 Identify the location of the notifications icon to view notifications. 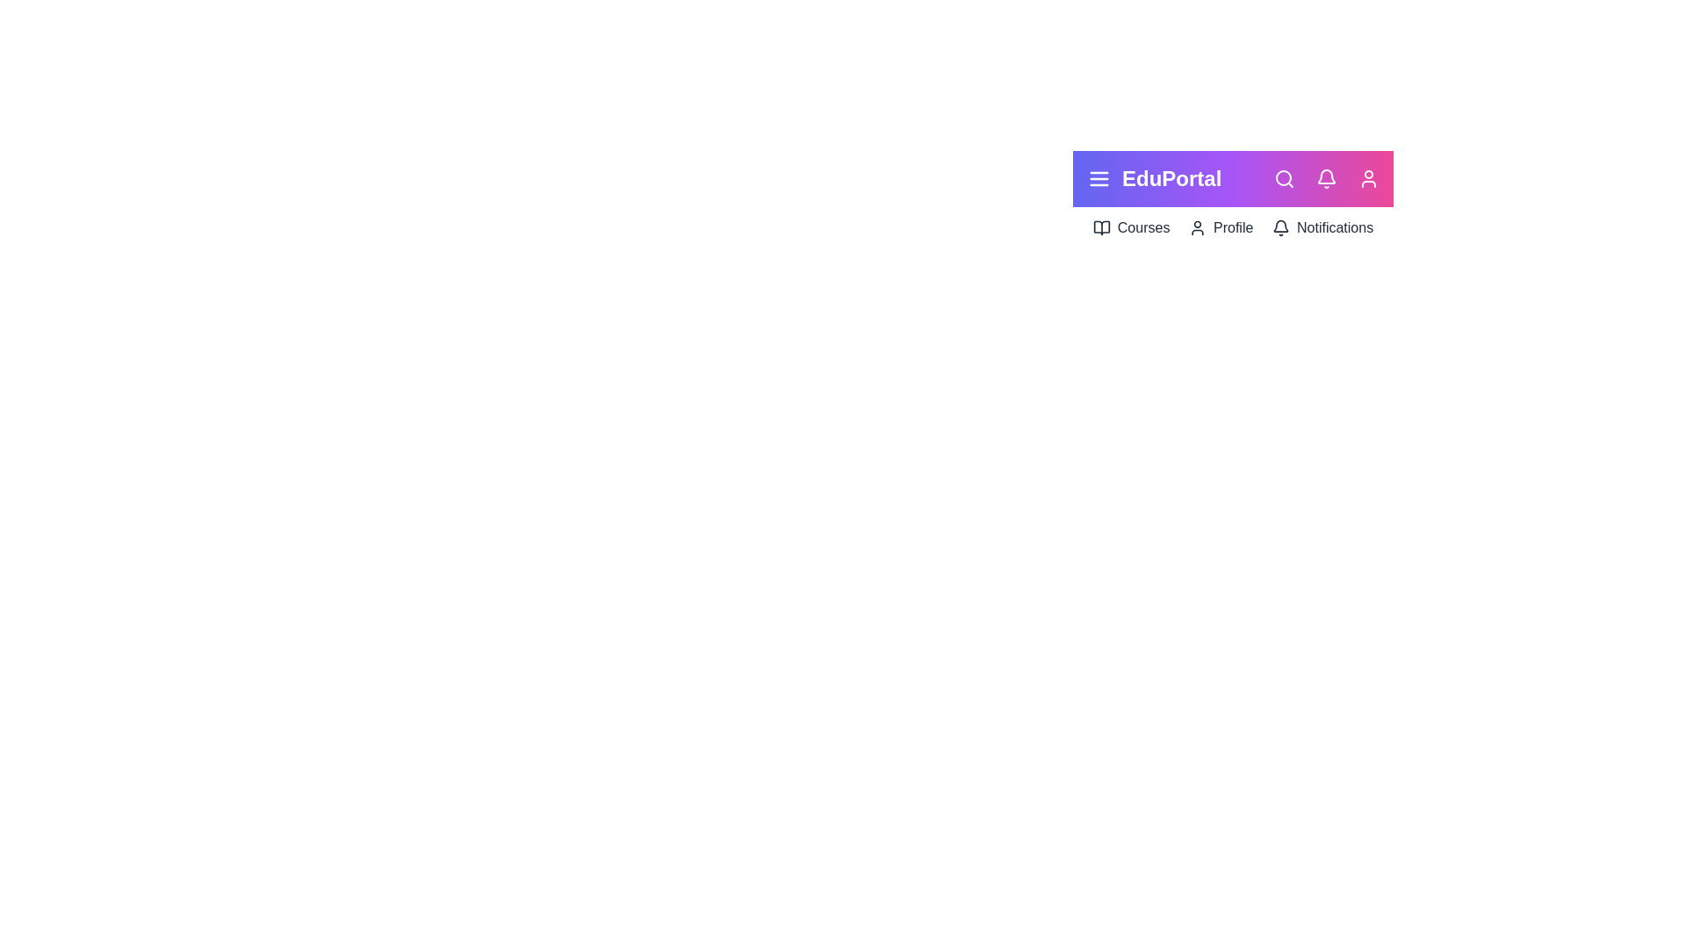
(1327, 179).